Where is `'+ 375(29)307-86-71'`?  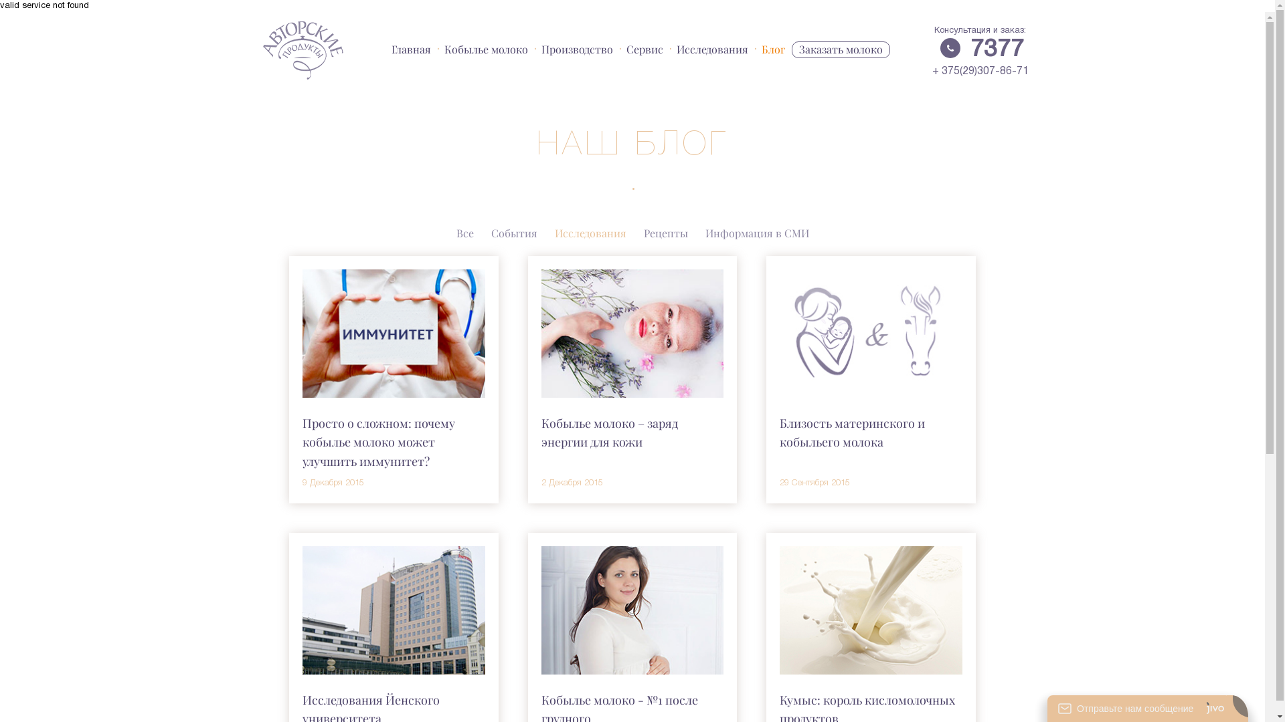 '+ 375(29)307-86-71' is located at coordinates (980, 72).